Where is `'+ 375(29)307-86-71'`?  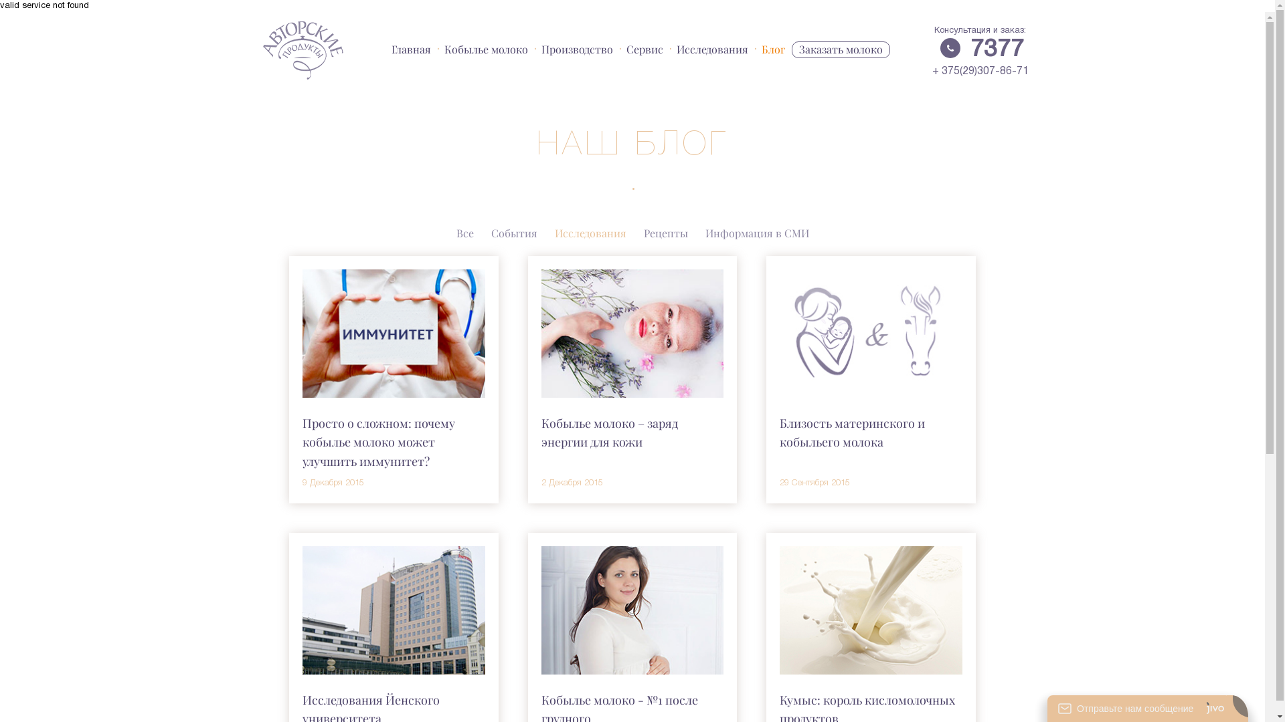 '+ 375(29)307-86-71' is located at coordinates (980, 72).